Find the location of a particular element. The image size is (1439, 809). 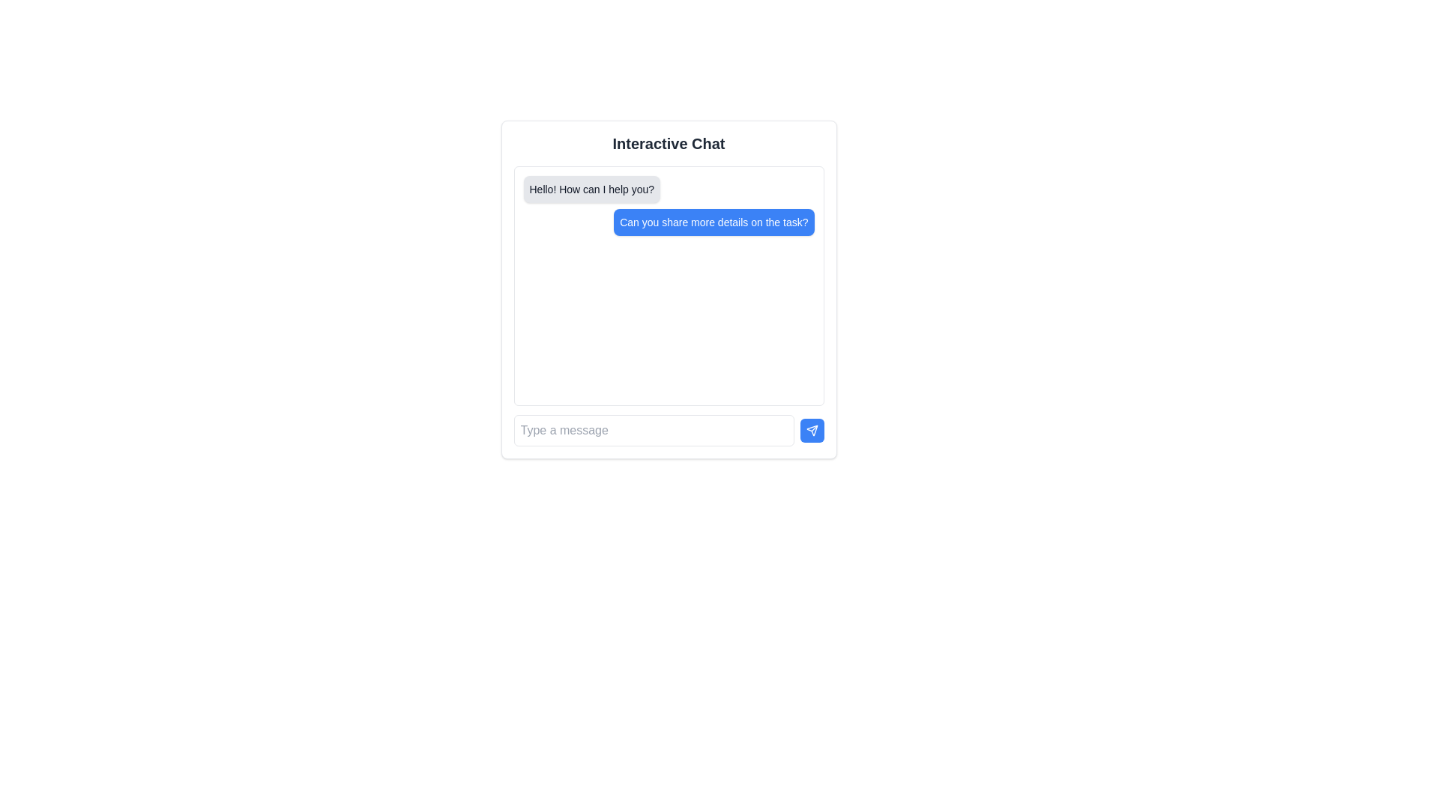

the send button located to the right of the text input box in the chat interface is located at coordinates (811, 430).